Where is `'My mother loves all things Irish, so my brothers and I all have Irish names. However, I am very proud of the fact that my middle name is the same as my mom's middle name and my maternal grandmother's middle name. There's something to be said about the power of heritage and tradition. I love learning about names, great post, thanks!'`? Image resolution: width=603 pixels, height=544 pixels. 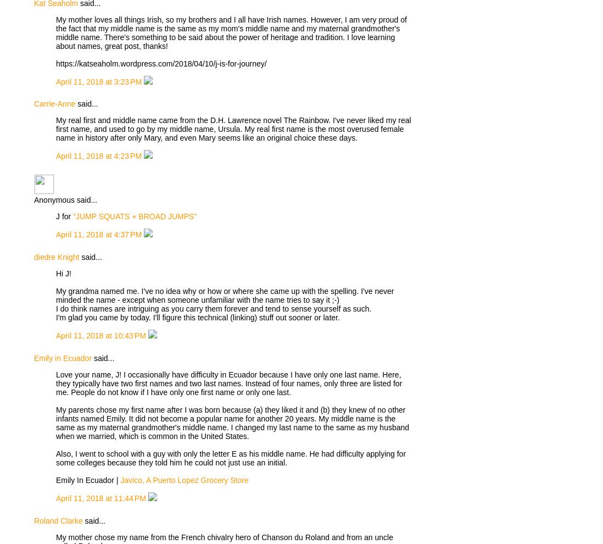 'My mother loves all things Irish, so my brothers and I all have Irish names. However, I am very proud of the fact that my middle name is the same as my mom's middle name and my maternal grandmother's middle name. There's something to be said about the power of heritage and tradition. I love learning about names, great post, thanks!' is located at coordinates (230, 32).